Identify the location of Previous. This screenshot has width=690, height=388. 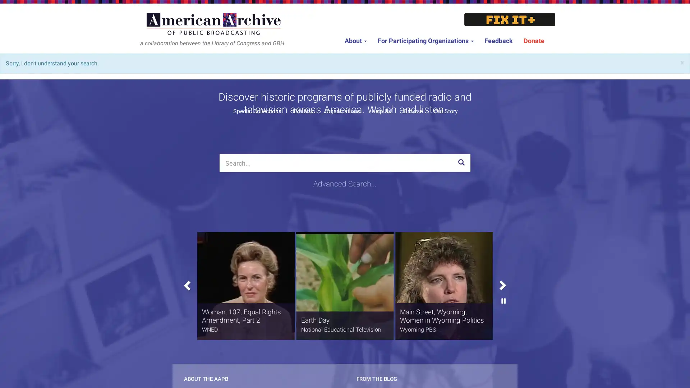
(186, 283).